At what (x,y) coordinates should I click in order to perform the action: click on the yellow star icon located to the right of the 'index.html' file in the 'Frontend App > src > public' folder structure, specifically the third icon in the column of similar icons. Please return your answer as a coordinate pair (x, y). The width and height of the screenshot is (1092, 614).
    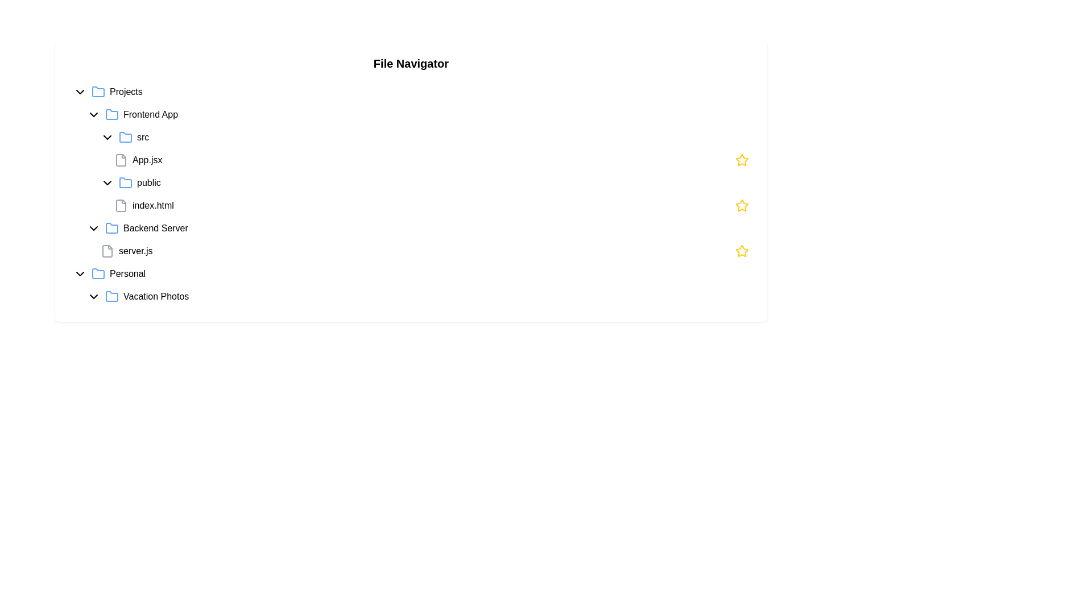
    Looking at the image, I should click on (742, 250).